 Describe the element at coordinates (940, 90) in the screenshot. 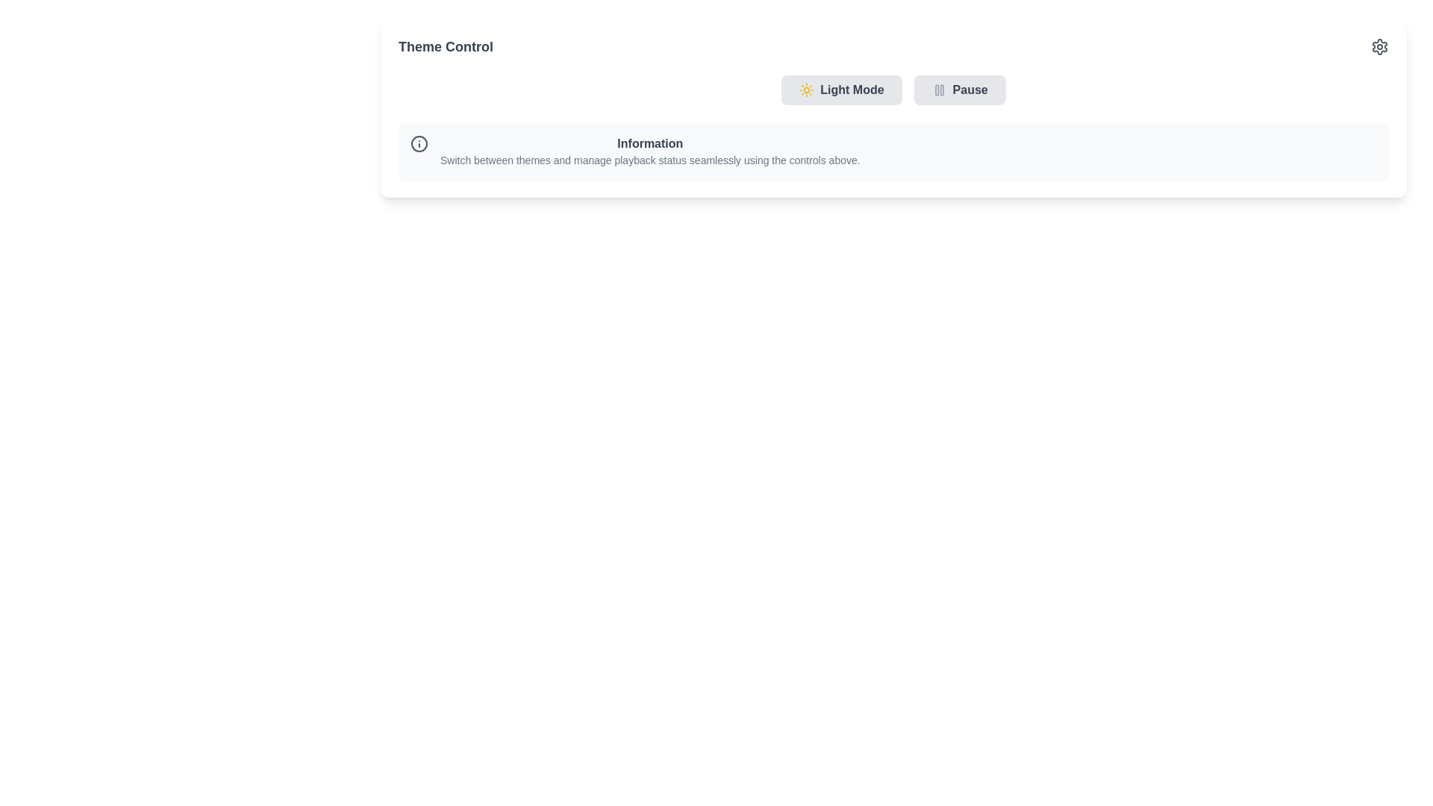

I see `the right vertical bar of the pause icon, which is part of the two-bar configuration that visually represents the pause symbol, located to the right of the 'Light Mode' button` at that location.